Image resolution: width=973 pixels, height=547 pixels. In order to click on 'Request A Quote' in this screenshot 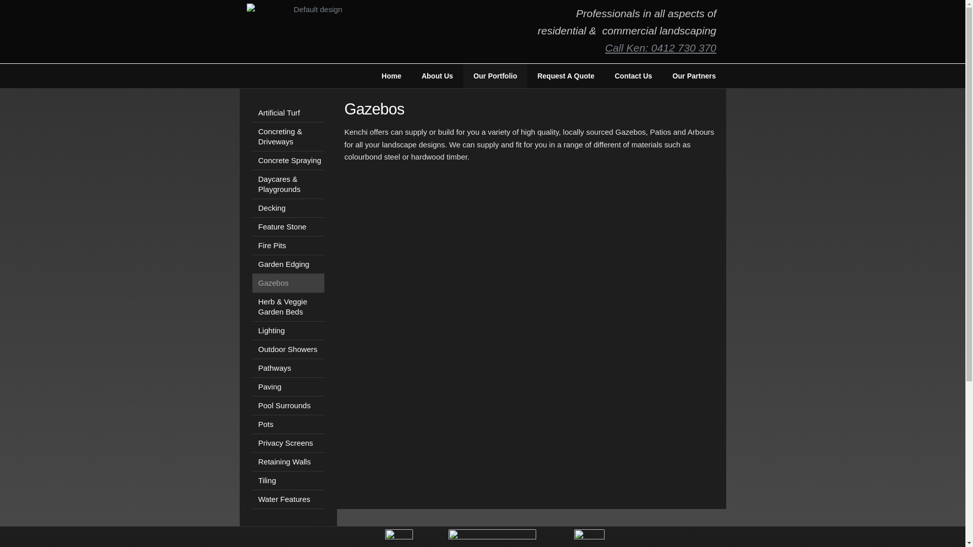, I will do `click(565, 75)`.